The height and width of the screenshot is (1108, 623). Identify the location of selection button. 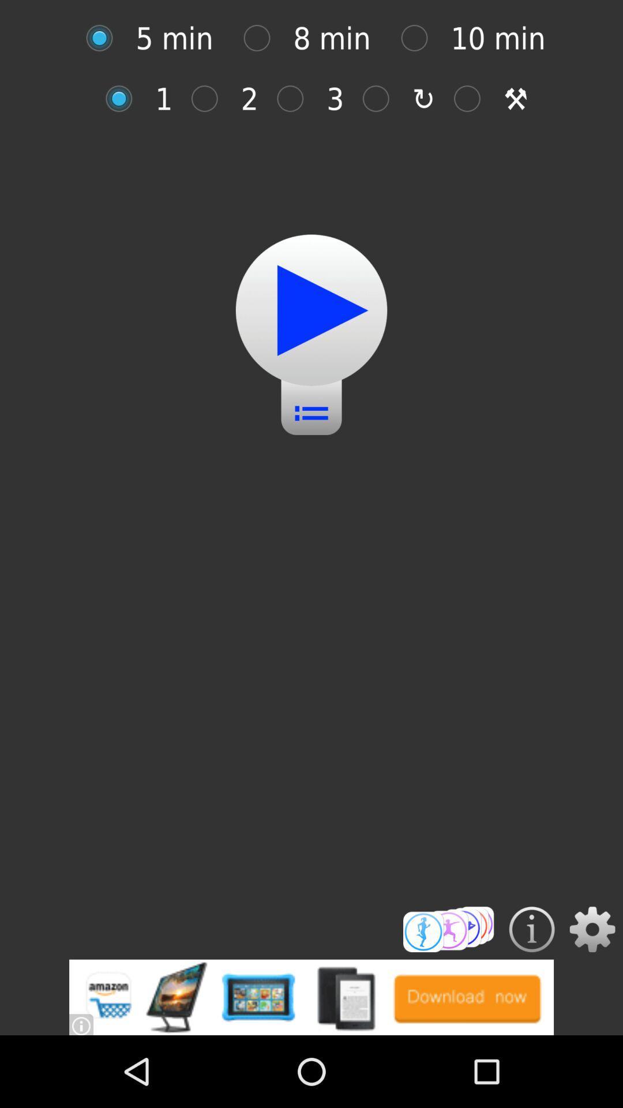
(295, 99).